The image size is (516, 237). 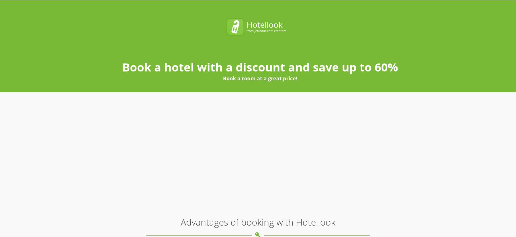 What do you see at coordinates (139, 67) in the screenshot?
I see `'We compare room prices from 70 different hotel booking services, enabling you to pick the most affordable offers that are not even listed on each service separately'` at bounding box center [139, 67].